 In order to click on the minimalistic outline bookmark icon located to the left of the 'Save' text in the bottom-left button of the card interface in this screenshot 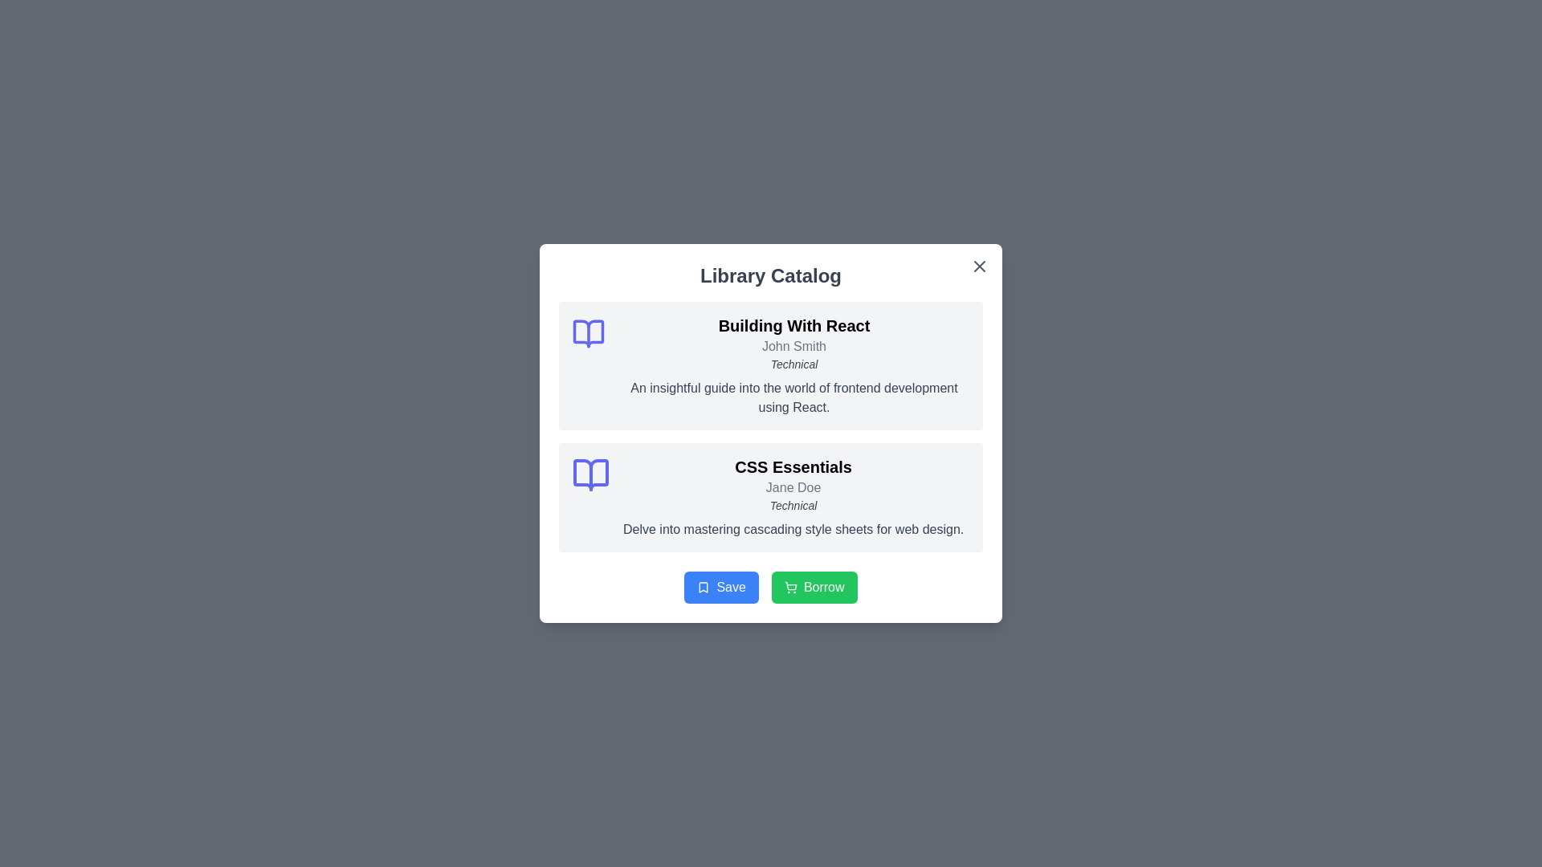, I will do `click(704, 588)`.